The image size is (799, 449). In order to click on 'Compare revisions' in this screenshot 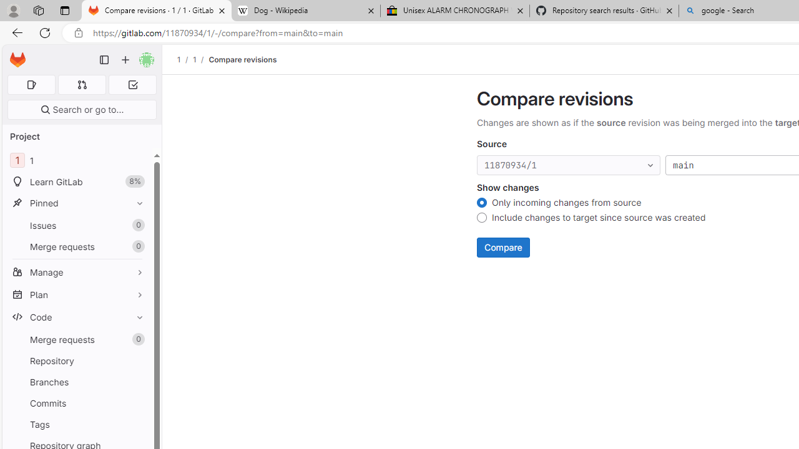, I will do `click(243, 59)`.